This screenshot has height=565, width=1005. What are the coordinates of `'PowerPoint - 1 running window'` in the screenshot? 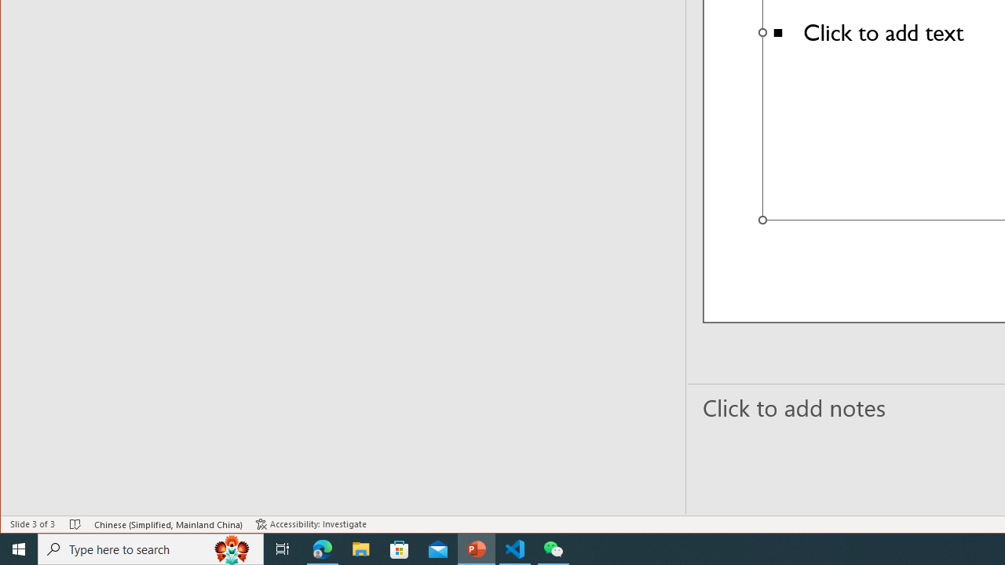 It's located at (476, 548).